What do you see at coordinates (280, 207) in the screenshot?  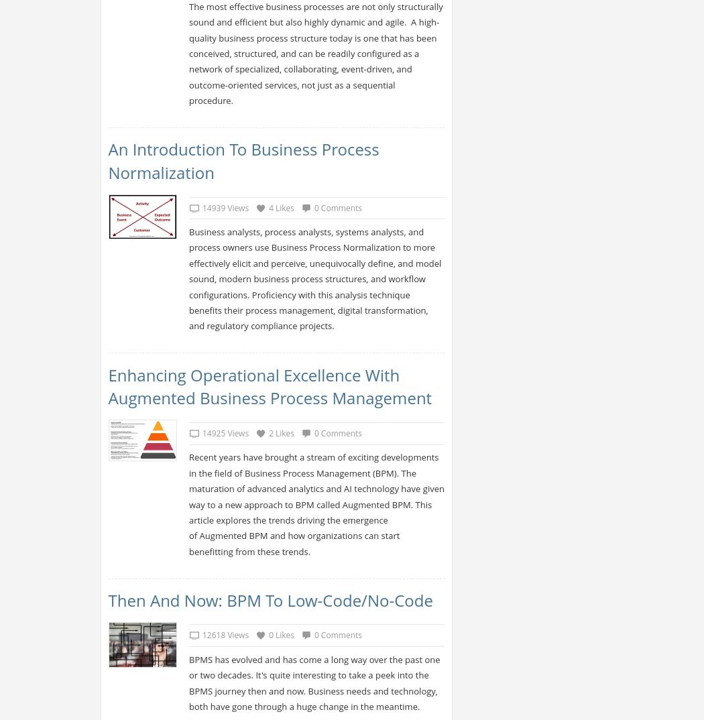 I see `'4 Likes'` at bounding box center [280, 207].